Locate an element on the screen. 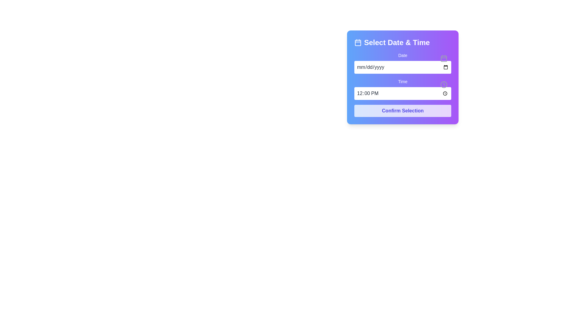  the large 'Confirm Selection' button with an indigo-colored text and a white background to observe the hover effect is located at coordinates (402, 111).